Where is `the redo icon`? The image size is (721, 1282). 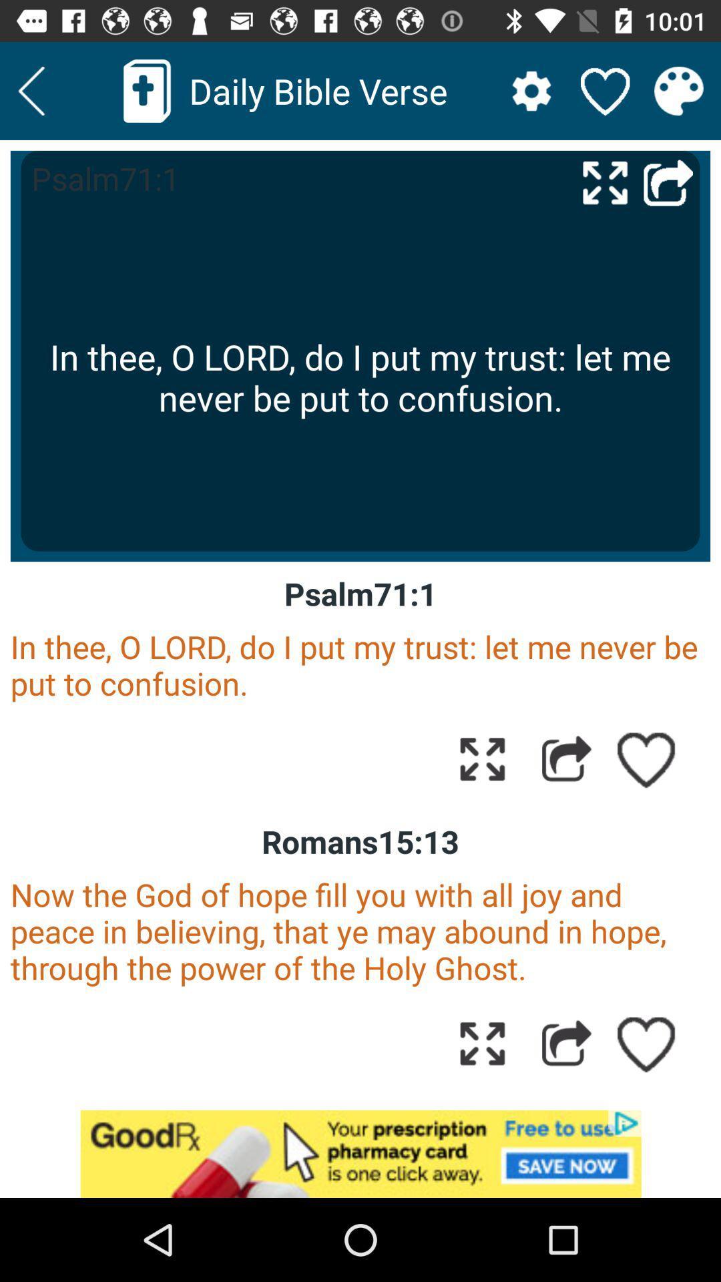 the redo icon is located at coordinates (668, 182).